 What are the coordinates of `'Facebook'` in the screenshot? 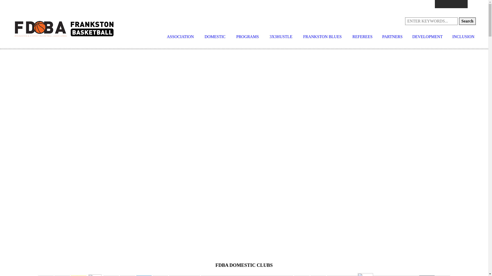 It's located at (439, 4).